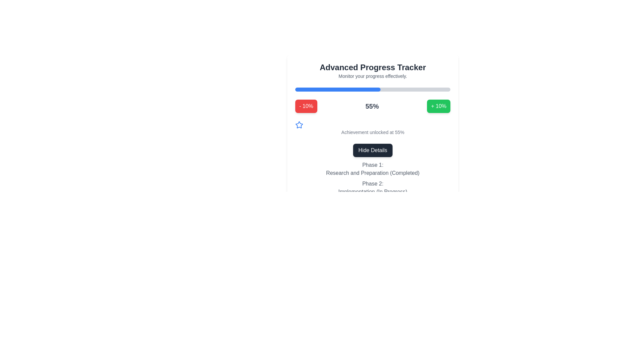 Image resolution: width=642 pixels, height=361 pixels. I want to click on the red button displaying '- 10%' to trigger the hover style effect, so click(306, 106).